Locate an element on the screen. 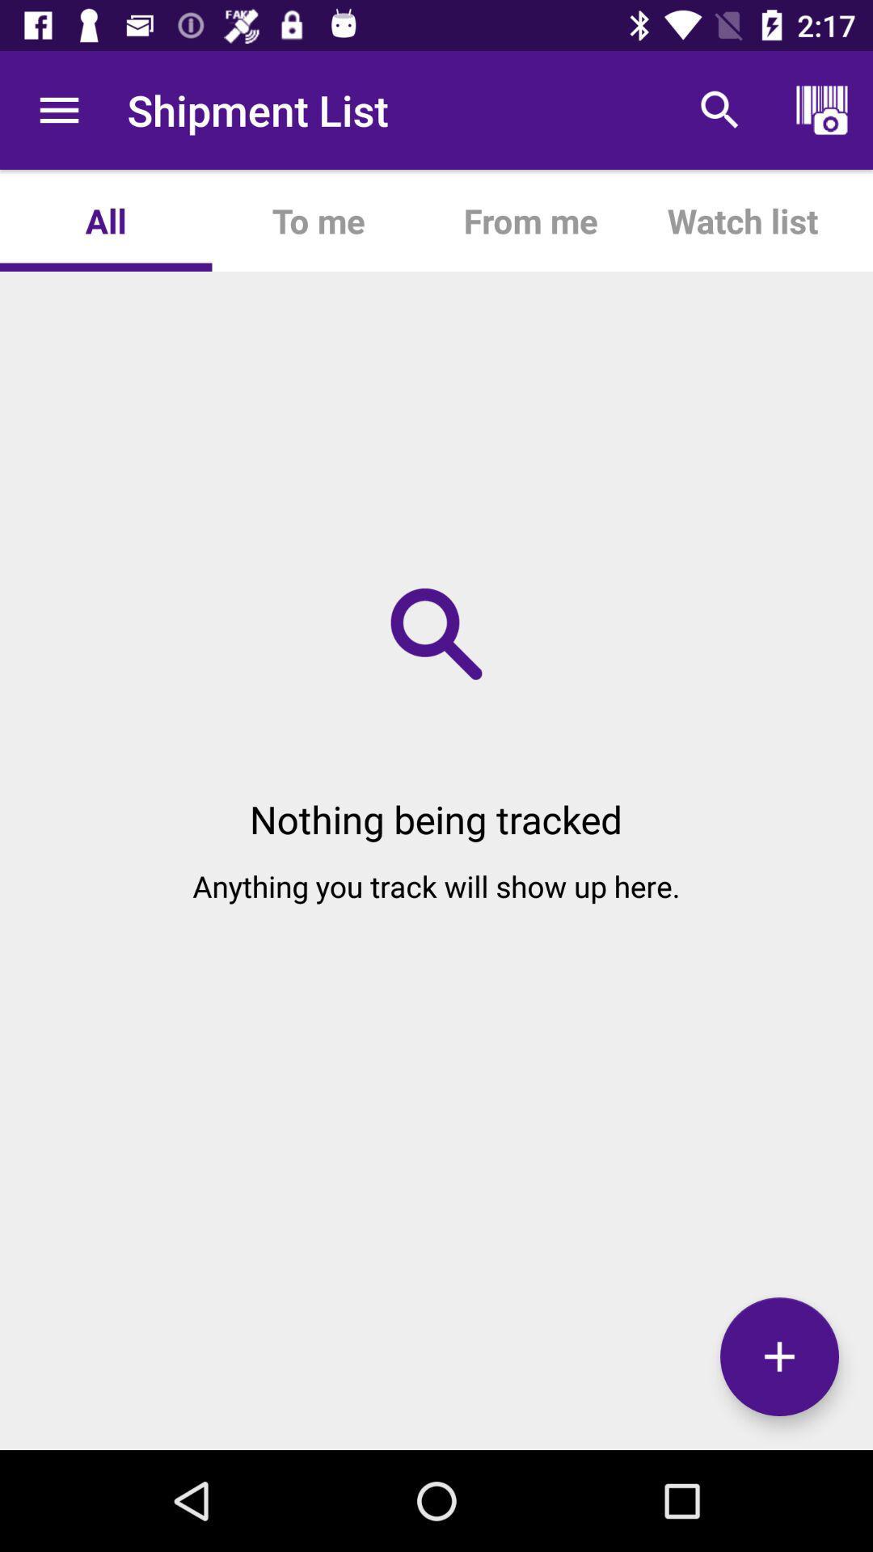 This screenshot has width=873, height=1552. the icon to the left of the from me app is located at coordinates (318, 220).